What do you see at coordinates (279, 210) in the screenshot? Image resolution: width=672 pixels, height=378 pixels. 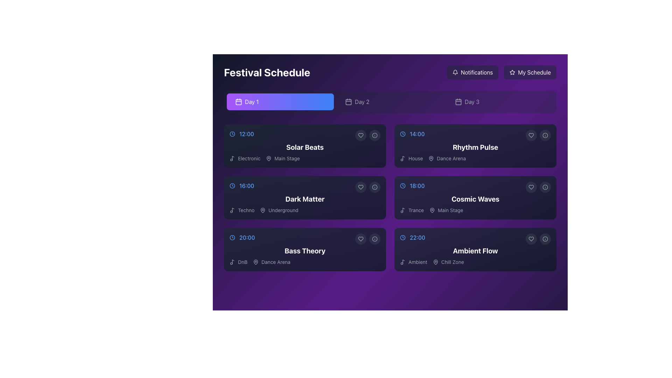 I see `the 'Underground' text label indicating the venue for the event located beside the location pin icon, positioned within the schedule grid for the 'Dark Matter' event` at bounding box center [279, 210].